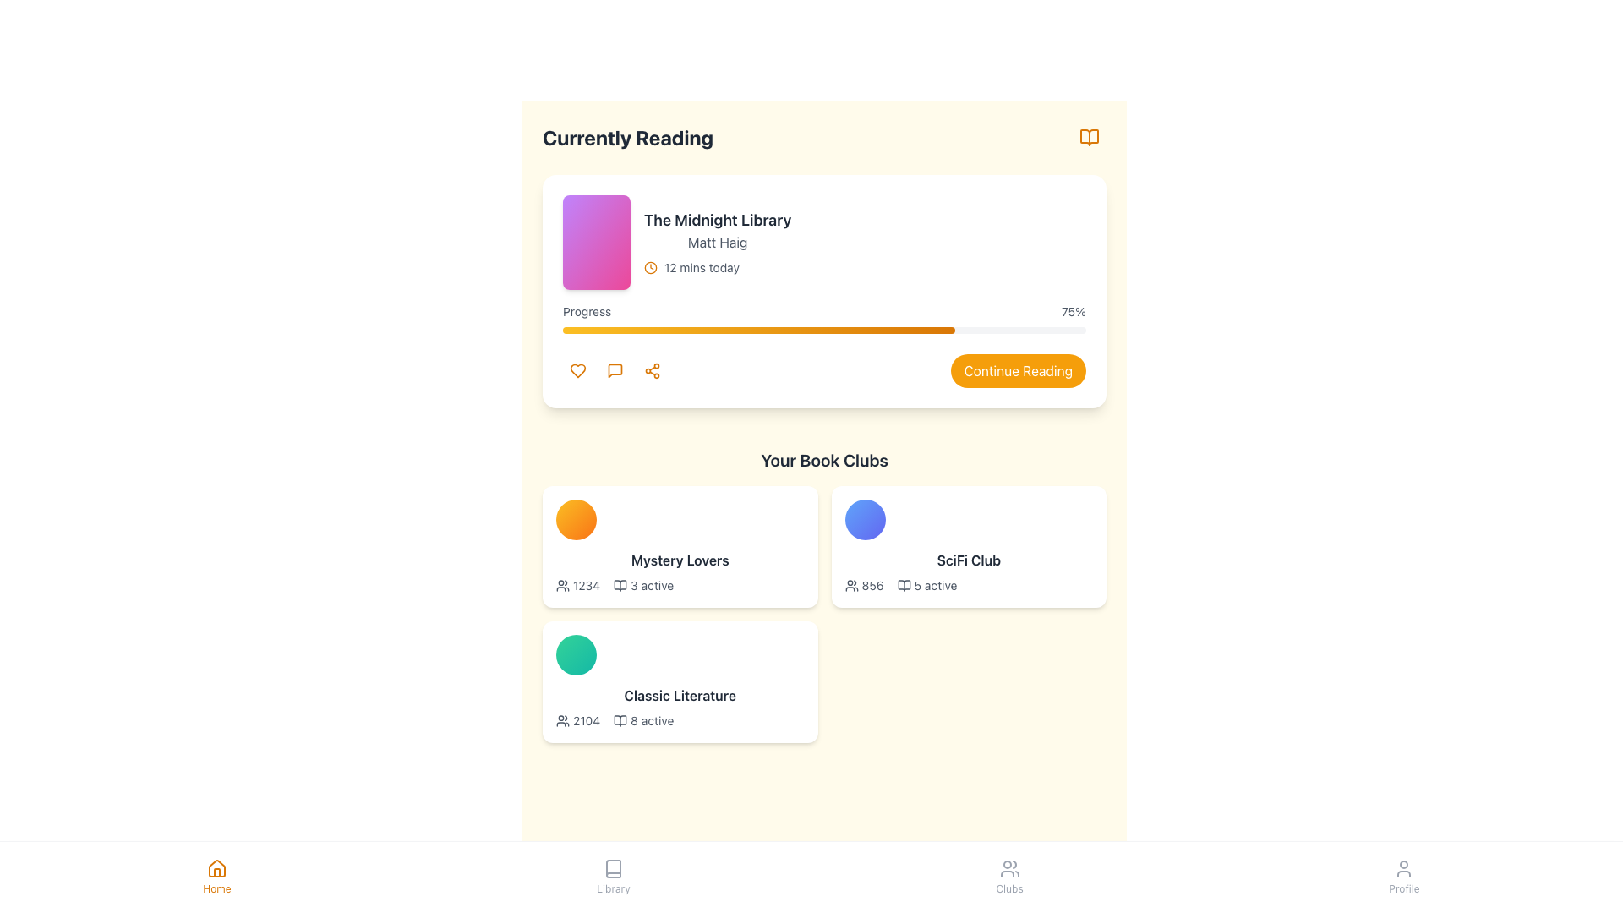 Image resolution: width=1623 pixels, height=913 pixels. What do you see at coordinates (216, 872) in the screenshot?
I see `the leftmost house-like icon in the bottom navigation bar` at bounding box center [216, 872].